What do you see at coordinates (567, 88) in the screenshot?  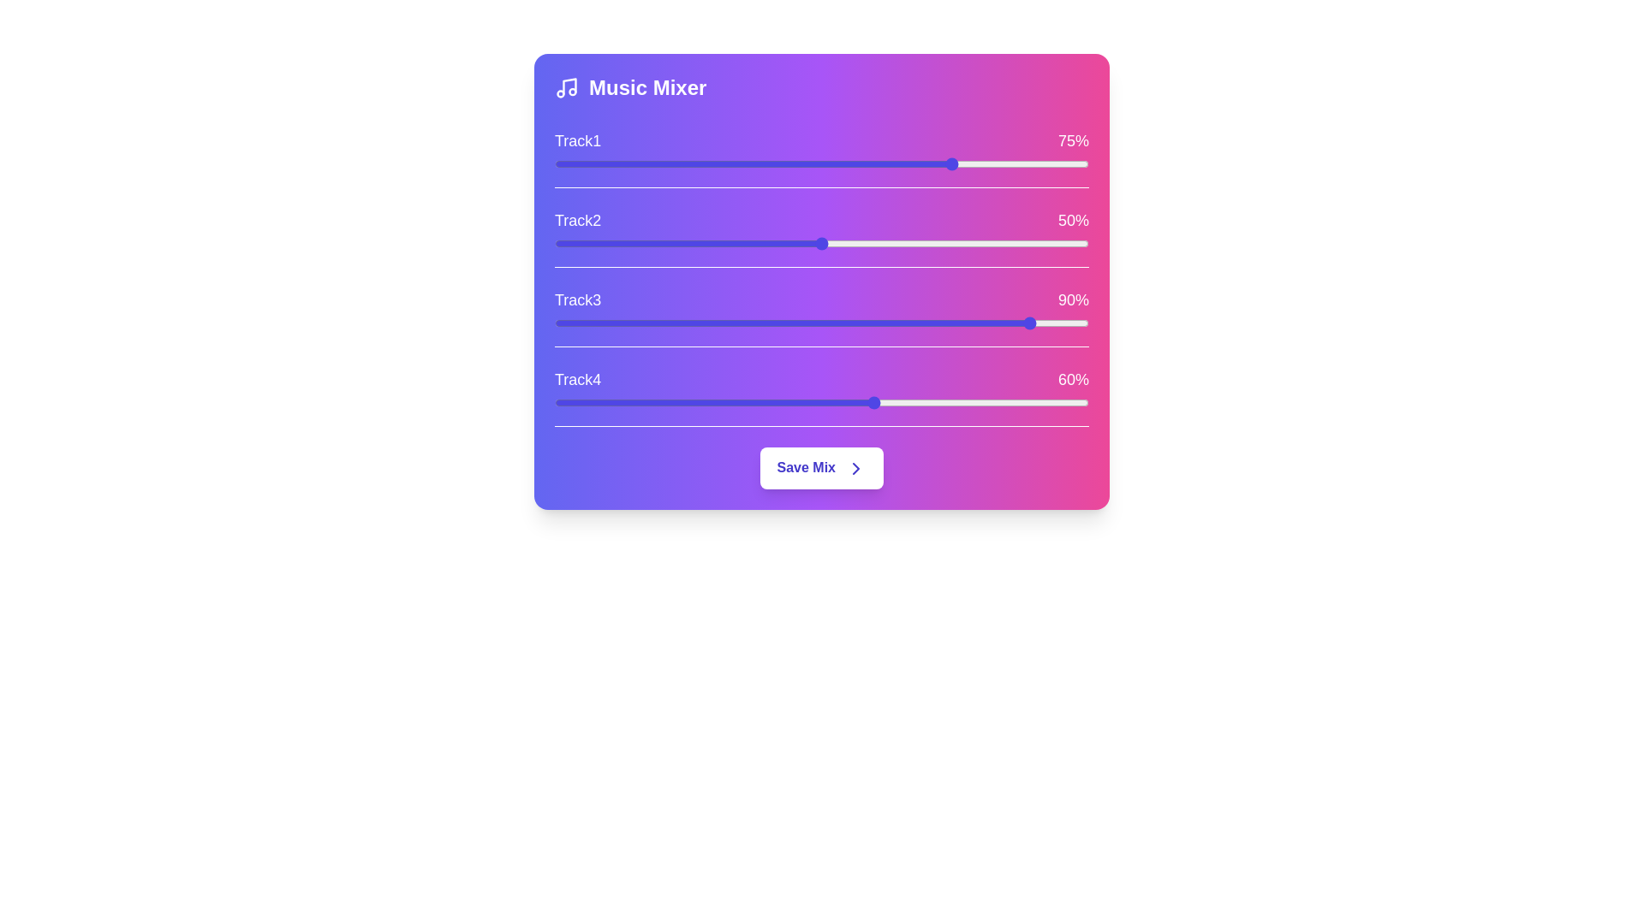 I see `the 'Music' icon to reveal additional functionality` at bounding box center [567, 88].